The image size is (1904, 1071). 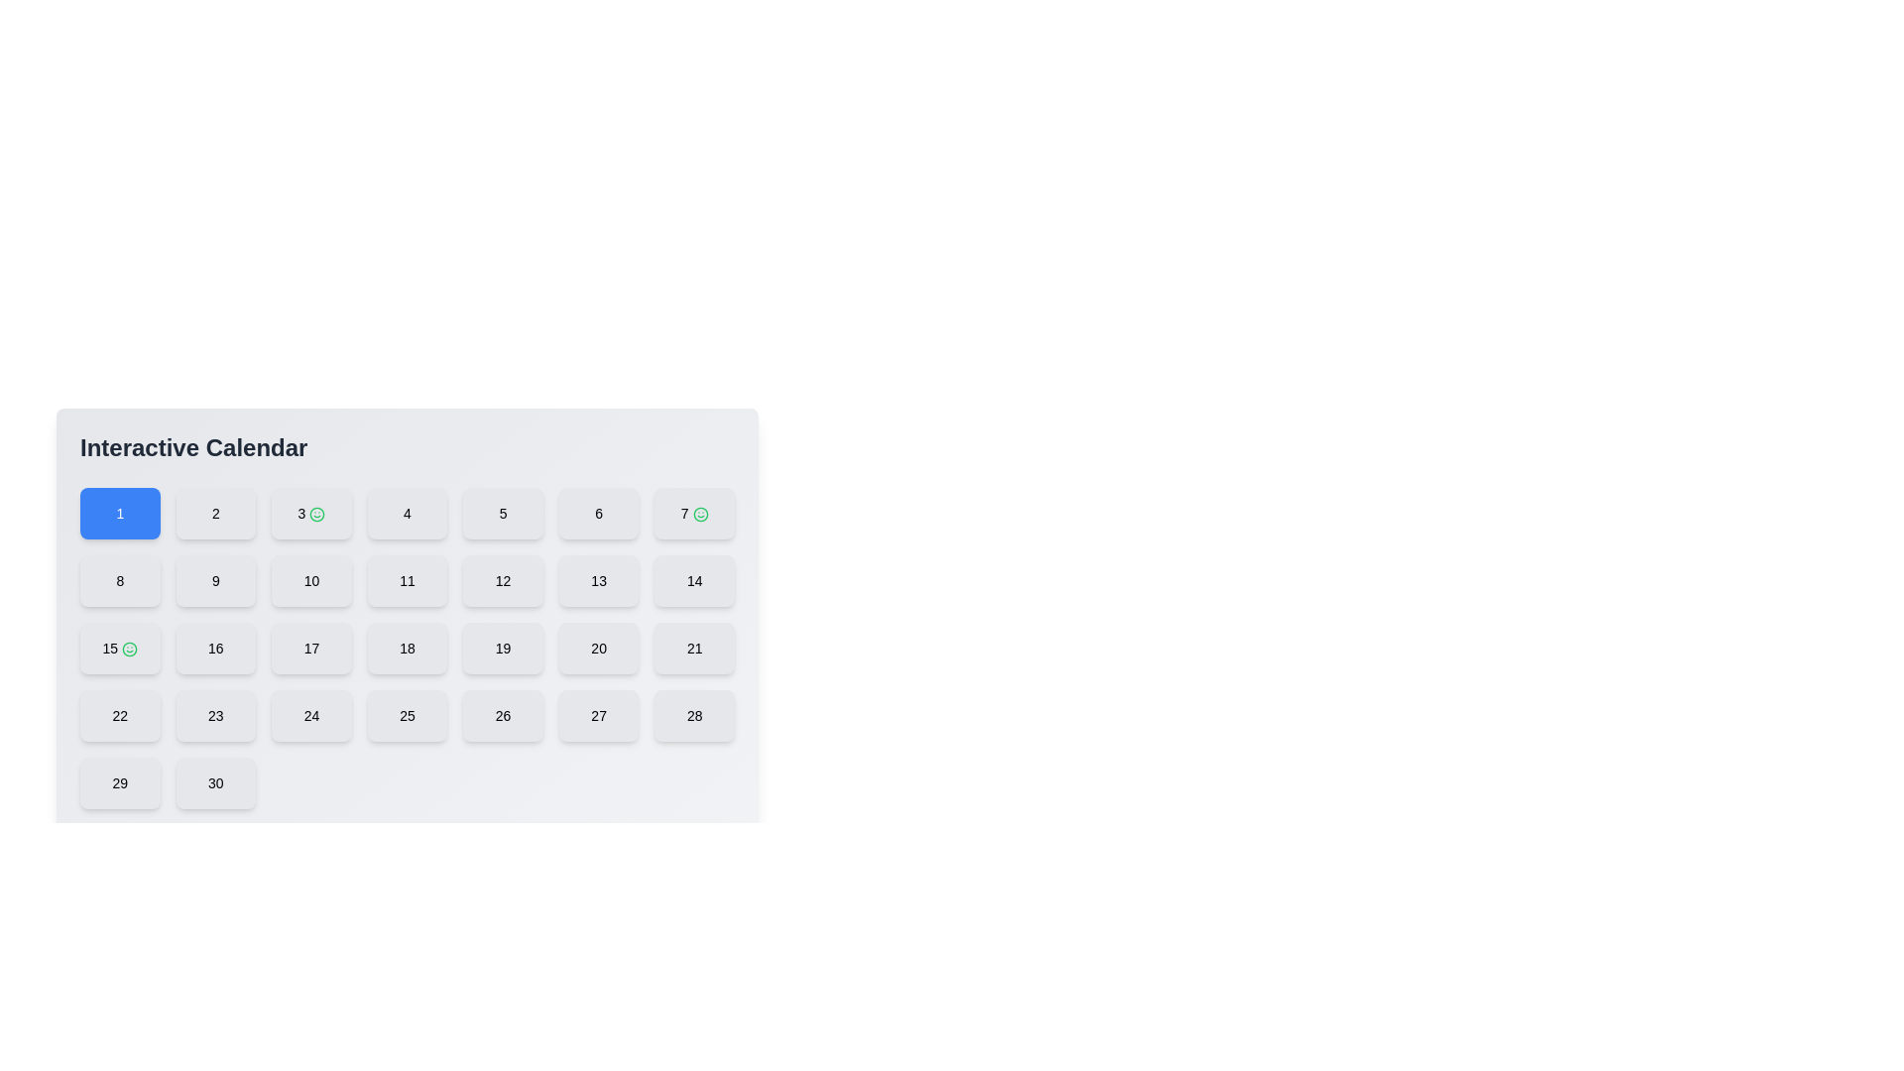 I want to click on the button labeled '6', which is a rectangular button with a light gray background and a rounded border, so click(x=598, y=512).